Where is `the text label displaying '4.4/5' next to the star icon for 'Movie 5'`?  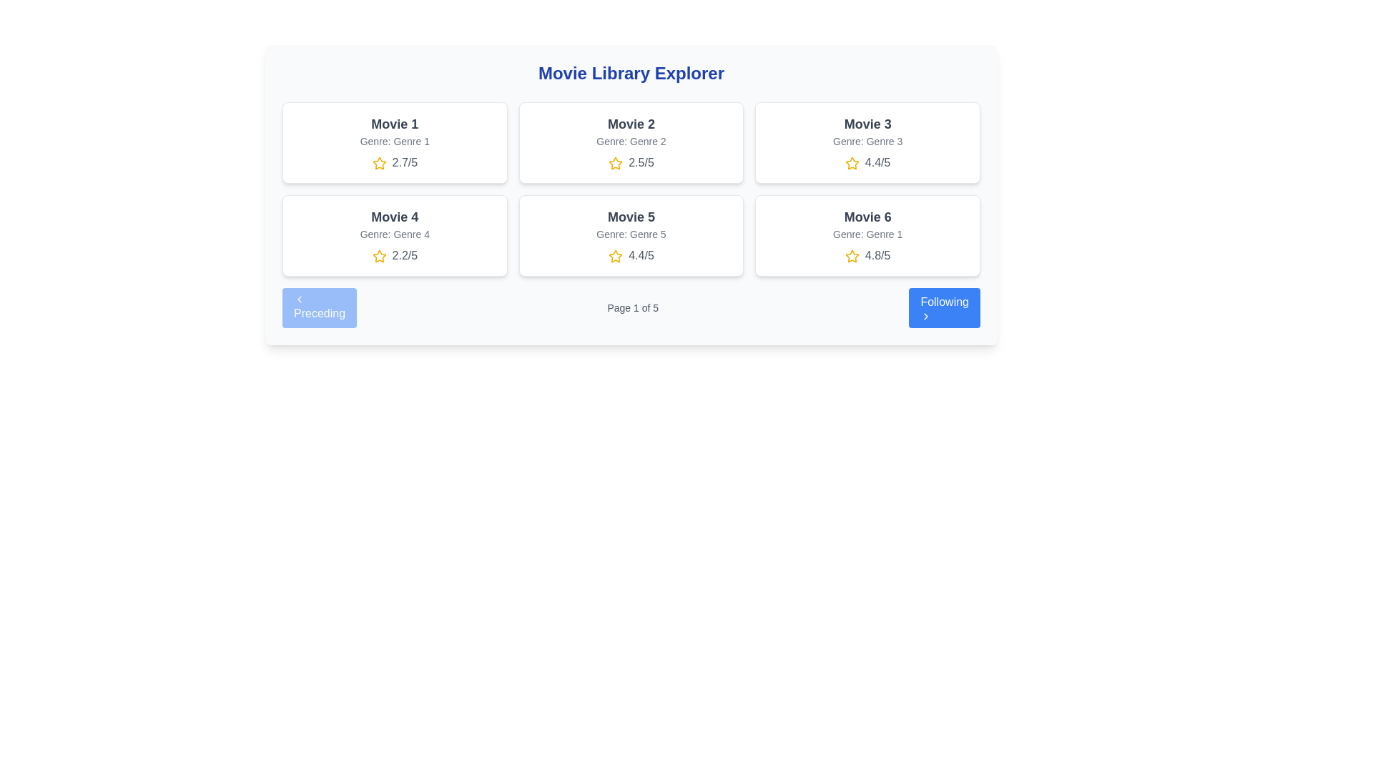 the text label displaying '4.4/5' next to the star icon for 'Movie 5' is located at coordinates (641, 254).